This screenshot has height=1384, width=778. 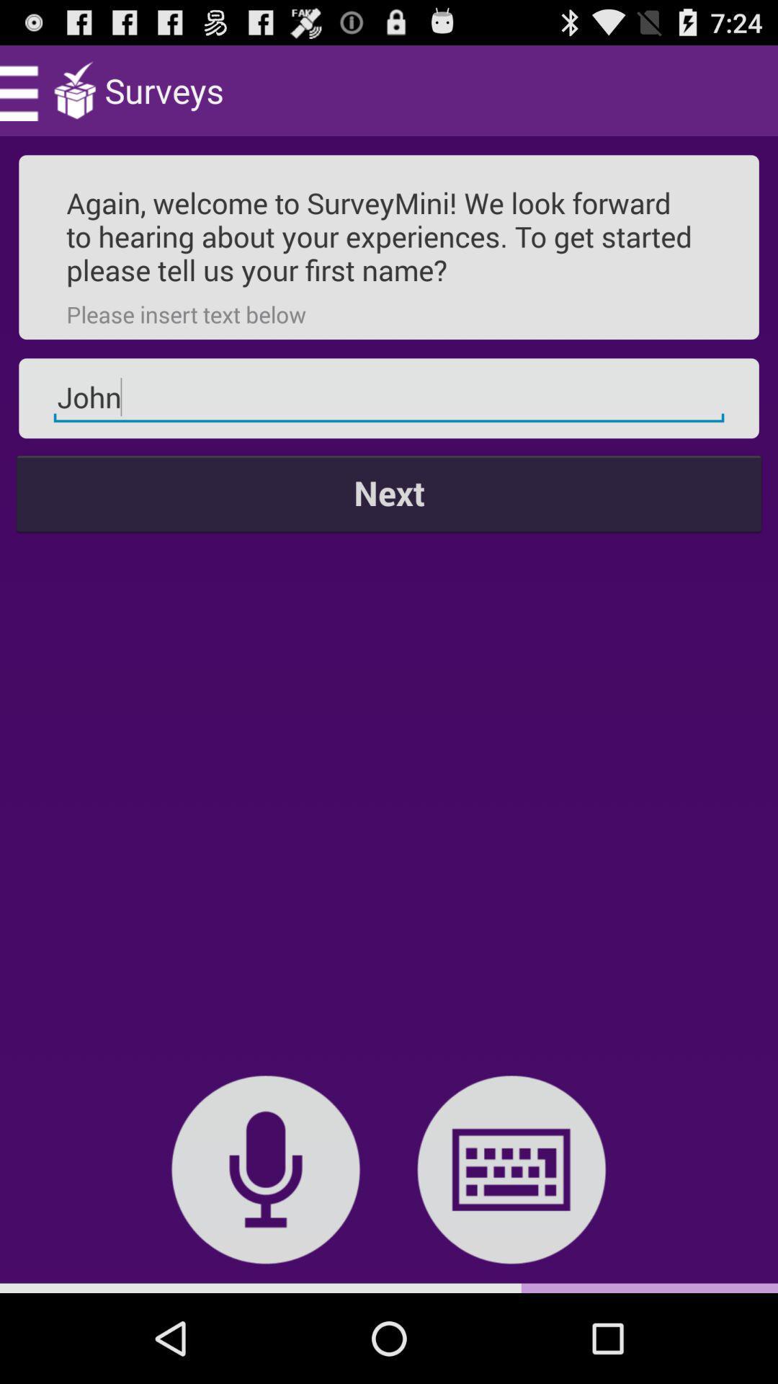 What do you see at coordinates (389, 493) in the screenshot?
I see `icon below john icon` at bounding box center [389, 493].